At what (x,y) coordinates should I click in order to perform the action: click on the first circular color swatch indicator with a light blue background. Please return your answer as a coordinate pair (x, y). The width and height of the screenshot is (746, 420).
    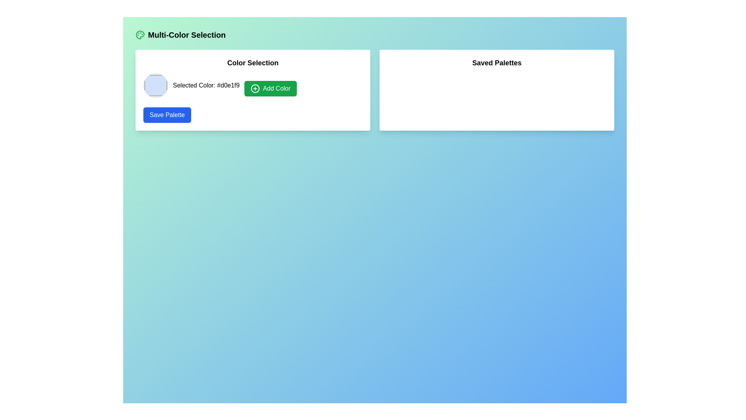
    Looking at the image, I should click on (155, 85).